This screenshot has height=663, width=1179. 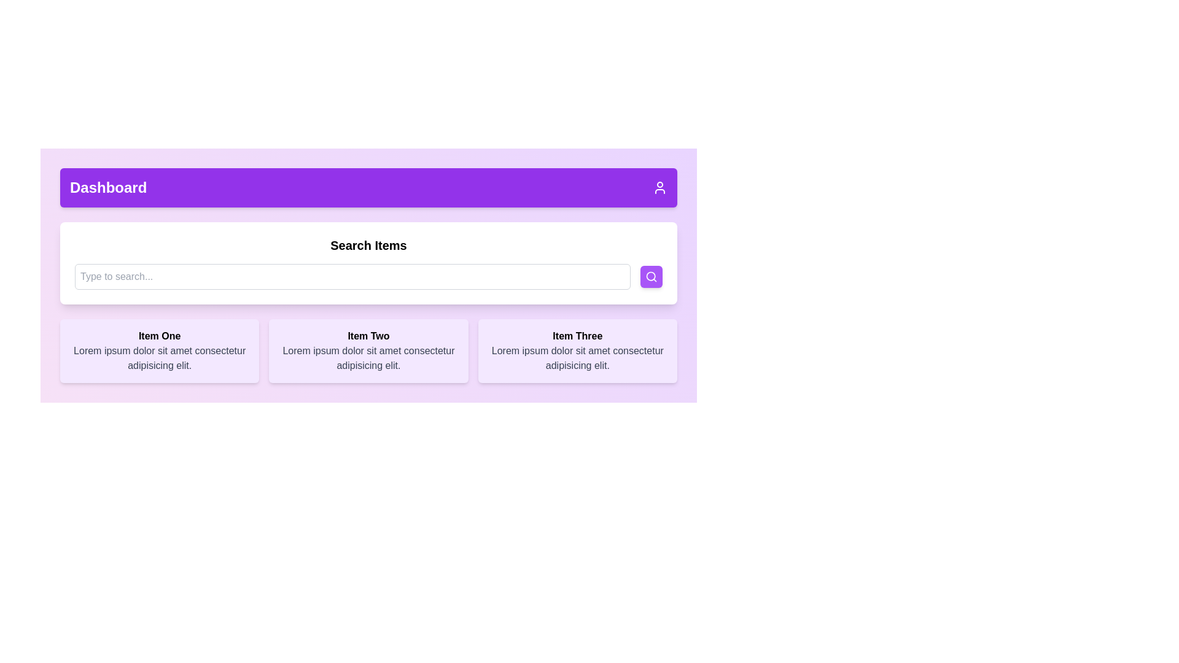 What do you see at coordinates (368, 351) in the screenshot?
I see `the Box Component titled 'Item Two', which features a soft purple background and descriptive text centered within it` at bounding box center [368, 351].